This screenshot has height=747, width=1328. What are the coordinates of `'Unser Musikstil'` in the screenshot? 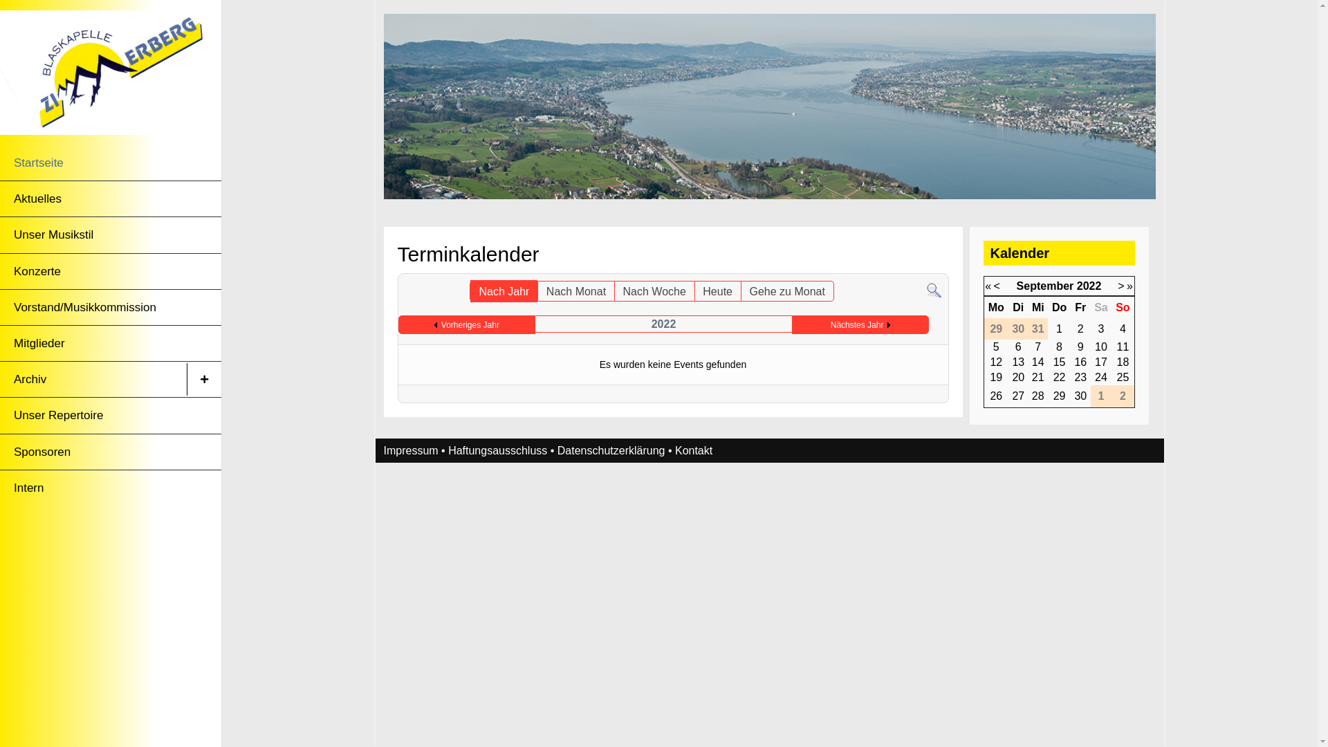 It's located at (92, 234).